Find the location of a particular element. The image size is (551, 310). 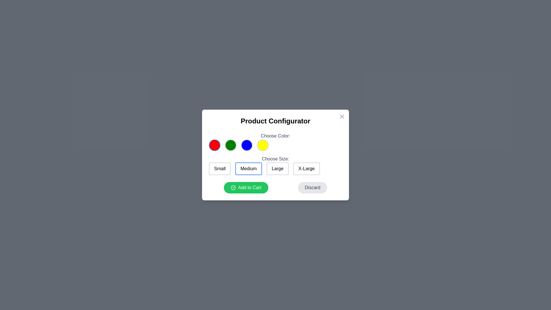

the circular blue button with a gray border in the 'Product Configurator' dialog box is located at coordinates (247, 145).